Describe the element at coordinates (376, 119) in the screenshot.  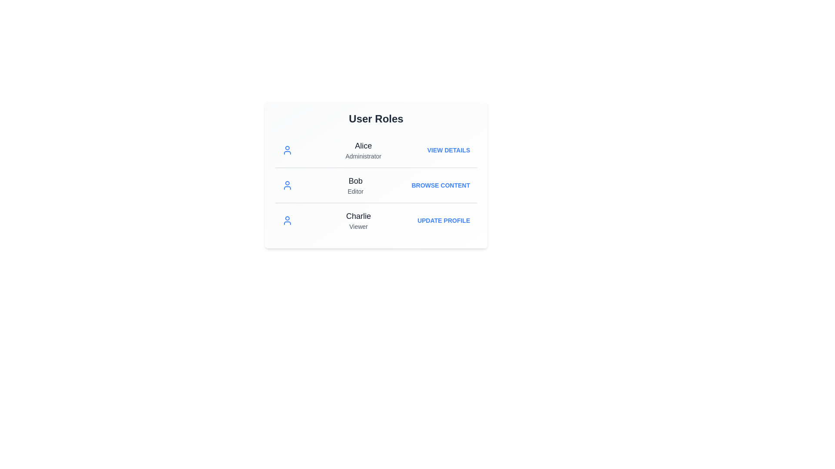
I see `header text 'User Roles' which is styled with bold and enlarged font, located at the top of the card UI` at that location.